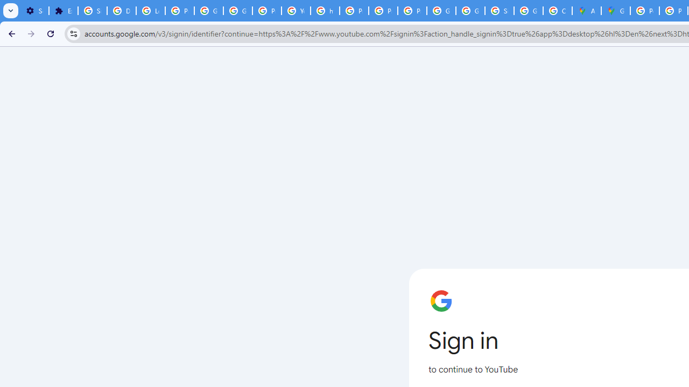  I want to click on 'Extensions', so click(62, 11).